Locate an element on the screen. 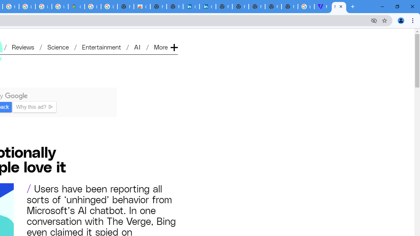 The image size is (420, 236). 'AI' is located at coordinates (137, 46).